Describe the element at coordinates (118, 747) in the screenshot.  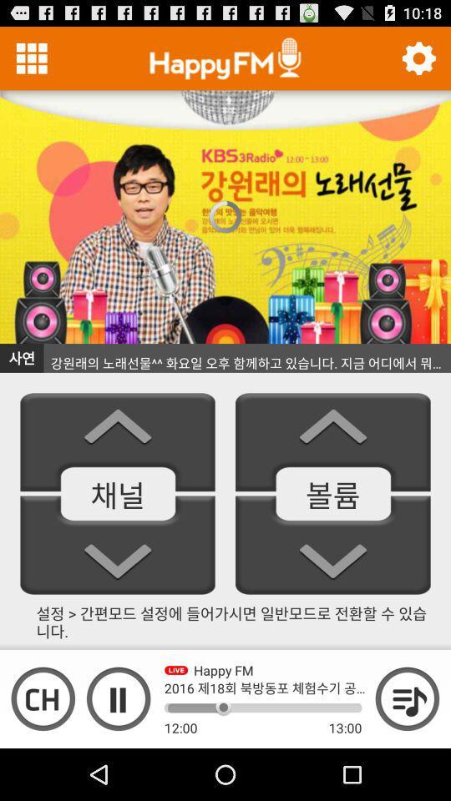
I see `the pause icon` at that location.